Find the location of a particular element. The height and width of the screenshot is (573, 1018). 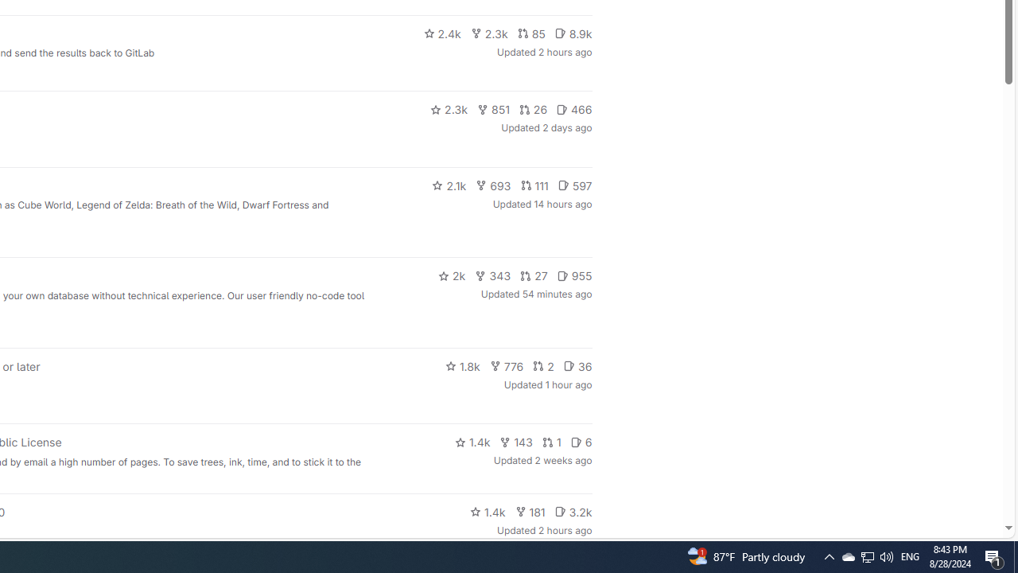

'85' is located at coordinates (531, 33).